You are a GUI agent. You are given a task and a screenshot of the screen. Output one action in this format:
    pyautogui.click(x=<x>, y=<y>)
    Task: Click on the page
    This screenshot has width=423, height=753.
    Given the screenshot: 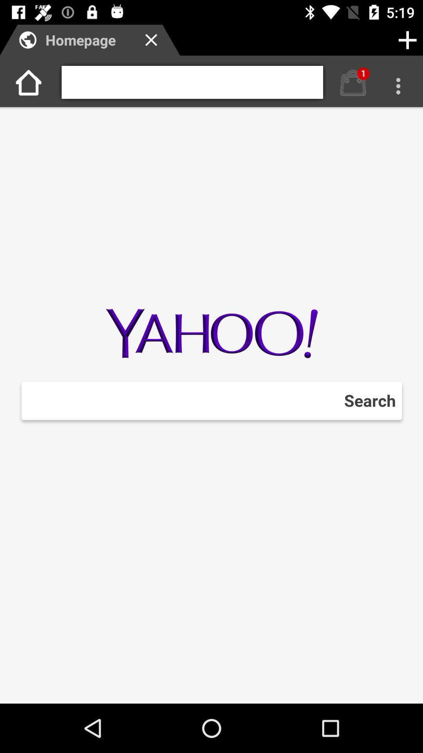 What is the action you would take?
    pyautogui.click(x=407, y=40)
    